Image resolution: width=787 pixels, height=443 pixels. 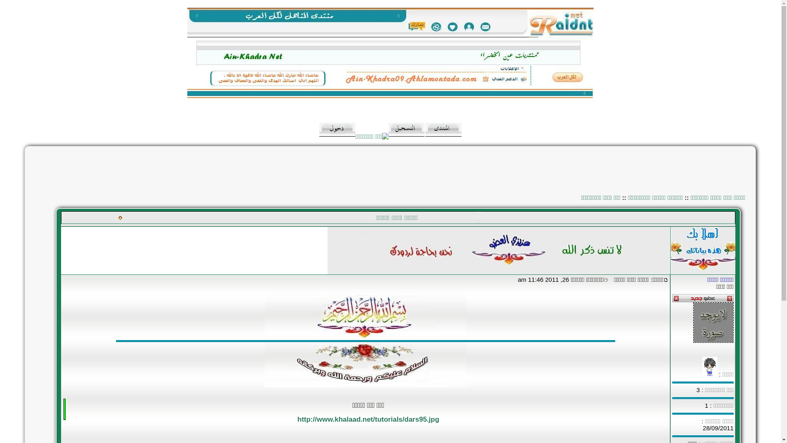 I want to click on 'http://www.khalaad.net/tutorials/dars95.jpg', so click(x=368, y=419).